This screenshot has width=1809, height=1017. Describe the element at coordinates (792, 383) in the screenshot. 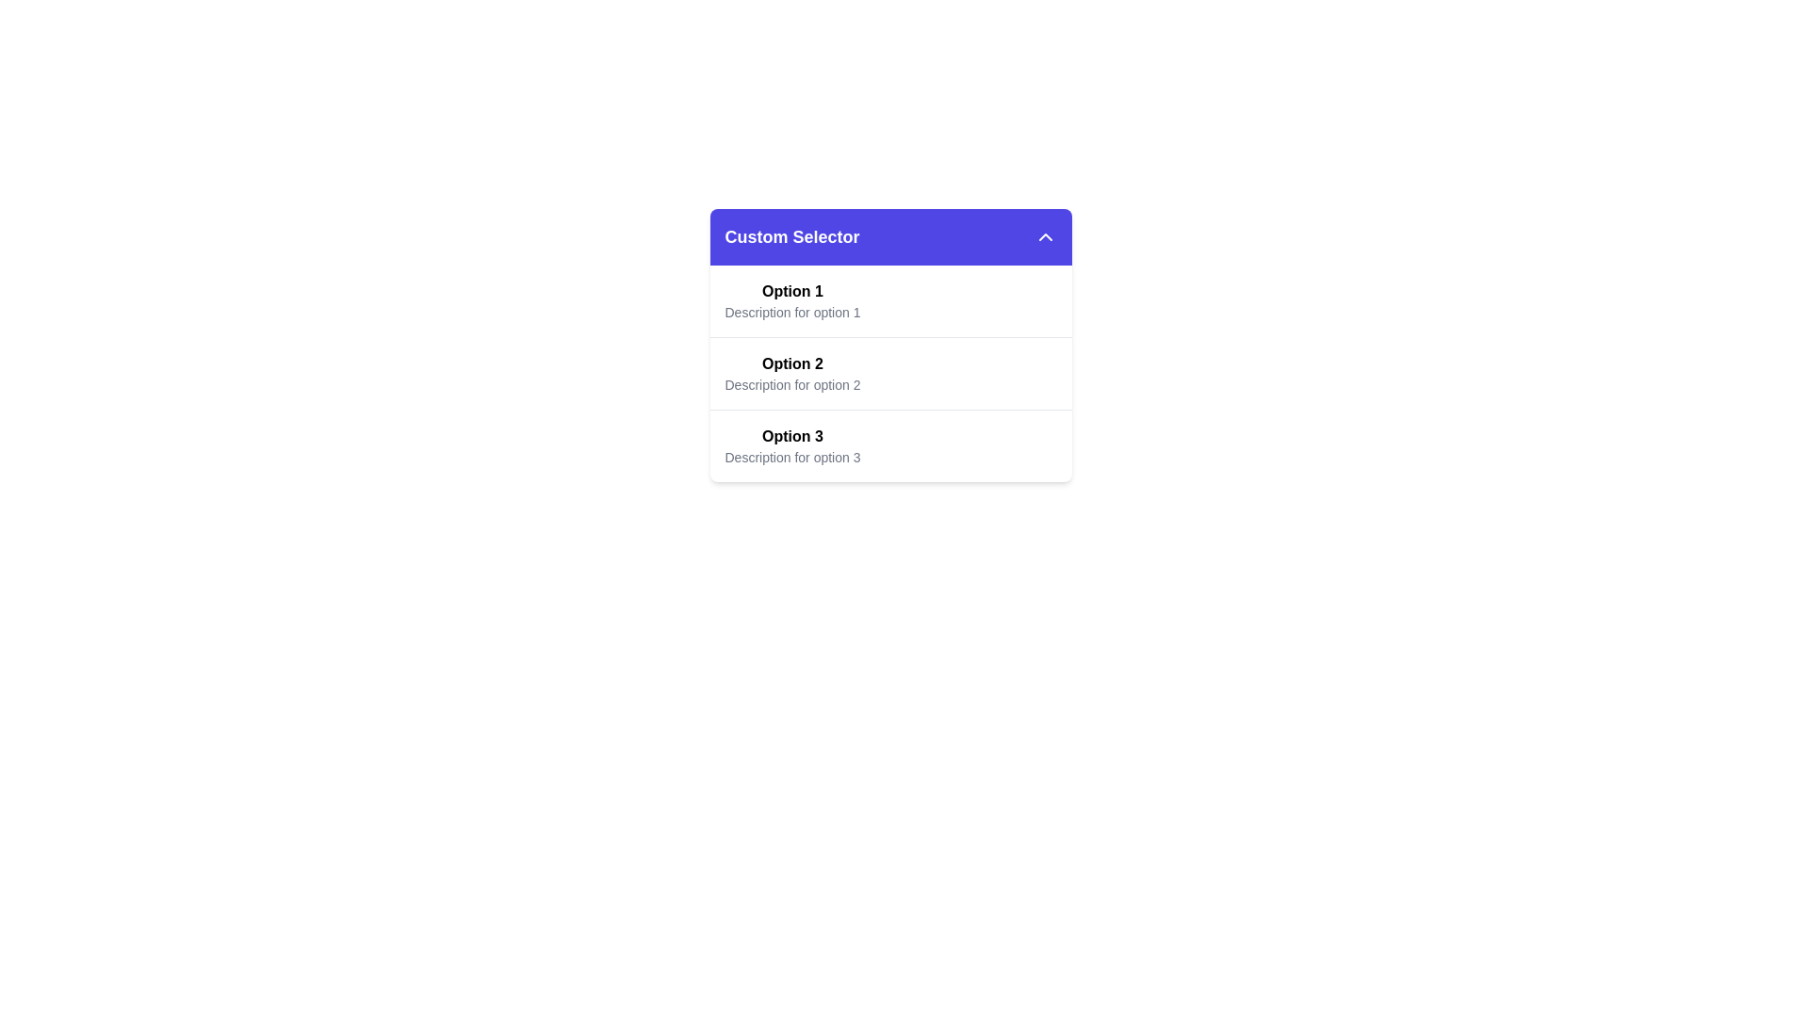

I see `the text label that reads 'Description for option 2', which is styled in gray and positioned directly beneath 'Option 2' in the dropdown menu` at that location.